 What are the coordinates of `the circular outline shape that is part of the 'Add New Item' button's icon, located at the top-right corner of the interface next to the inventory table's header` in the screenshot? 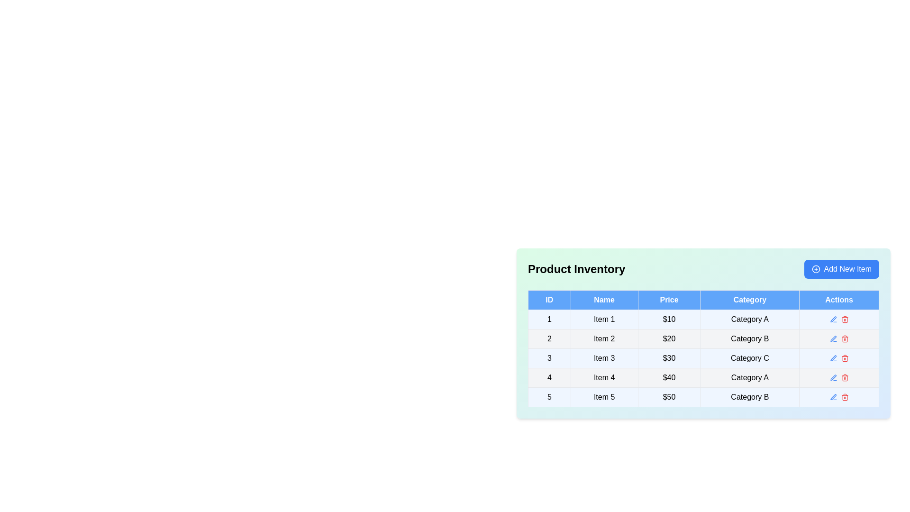 It's located at (815, 269).